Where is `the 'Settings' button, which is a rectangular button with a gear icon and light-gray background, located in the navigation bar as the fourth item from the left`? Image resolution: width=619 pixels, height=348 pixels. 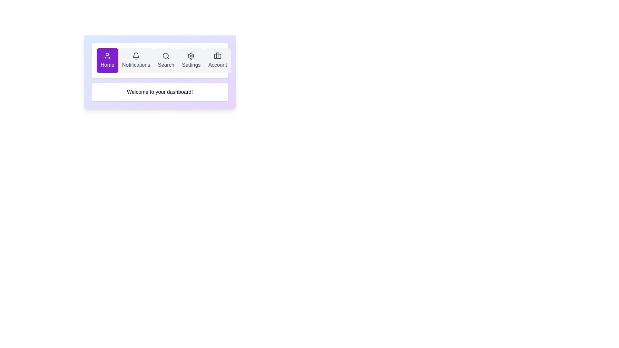
the 'Settings' button, which is a rectangular button with a gear icon and light-gray background, located in the navigation bar as the fourth item from the left is located at coordinates (191, 61).